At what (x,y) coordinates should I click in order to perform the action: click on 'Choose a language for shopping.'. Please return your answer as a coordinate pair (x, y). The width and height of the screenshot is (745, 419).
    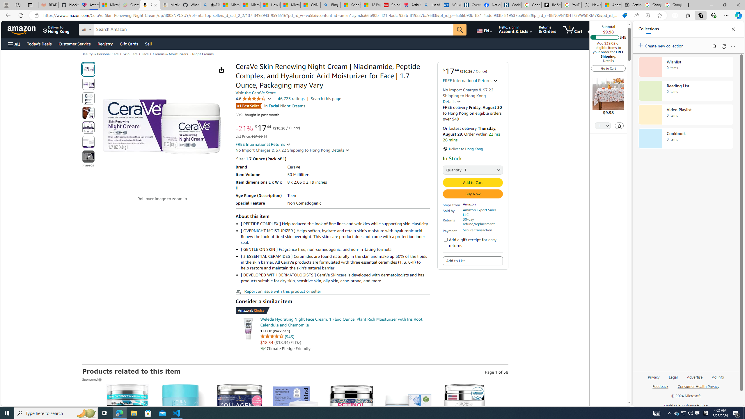
    Looking at the image, I should click on (484, 29).